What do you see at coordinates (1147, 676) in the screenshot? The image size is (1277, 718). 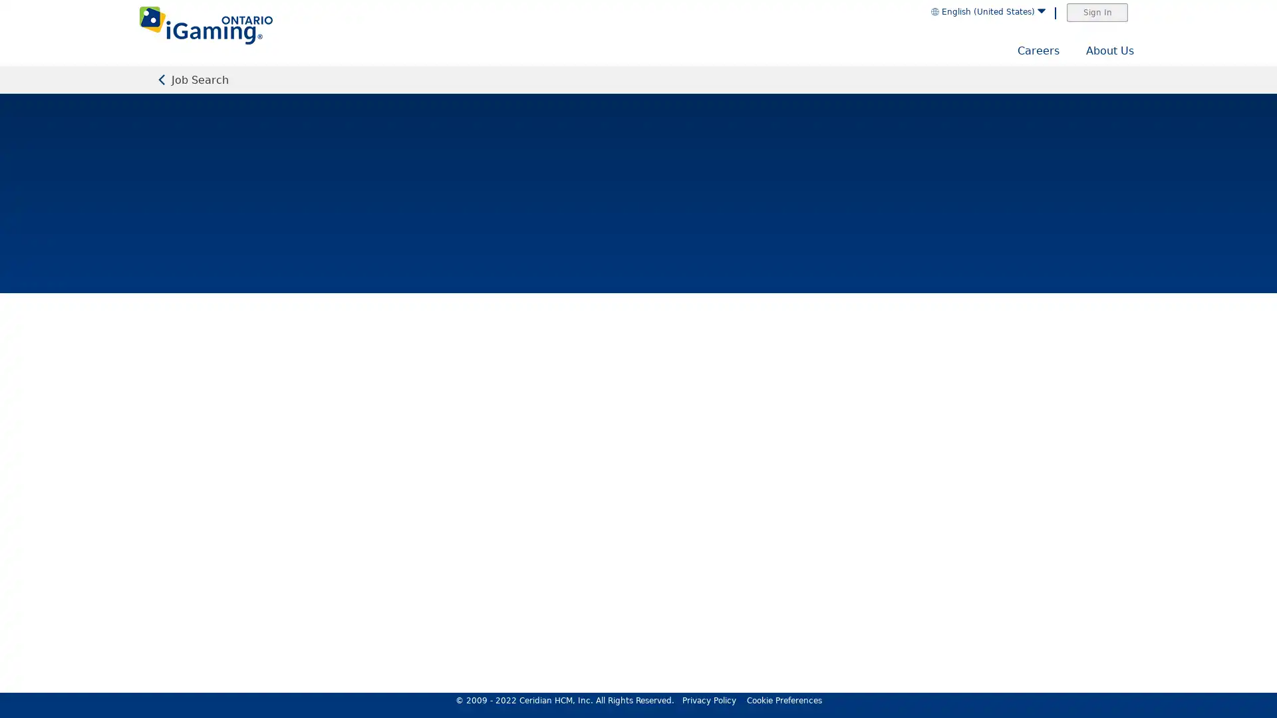 I see `Reject` at bounding box center [1147, 676].